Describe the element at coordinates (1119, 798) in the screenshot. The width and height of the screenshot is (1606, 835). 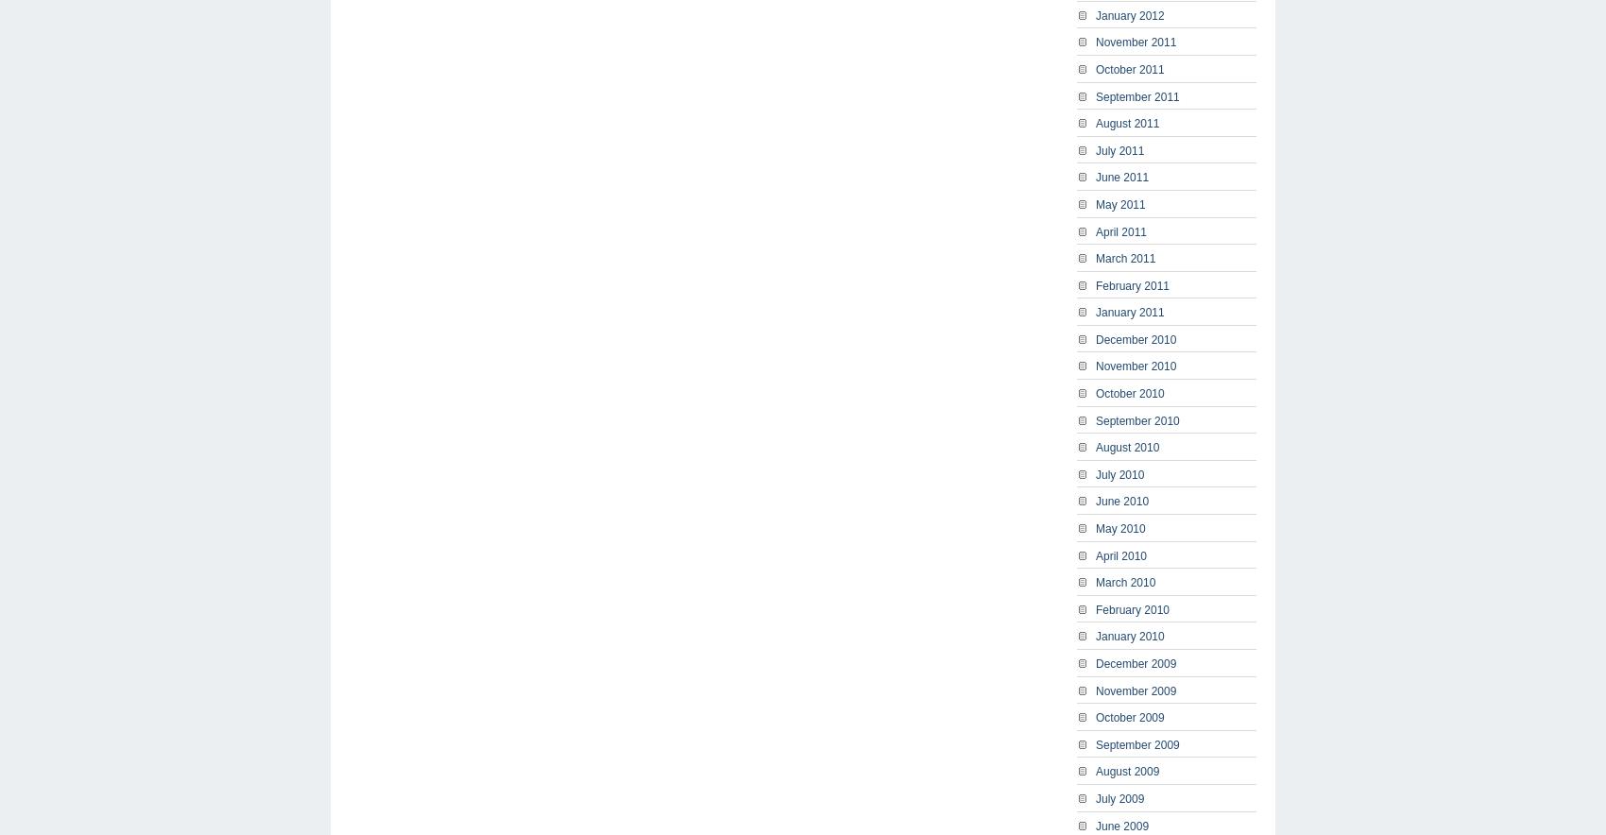
I see `'July 2009'` at that location.